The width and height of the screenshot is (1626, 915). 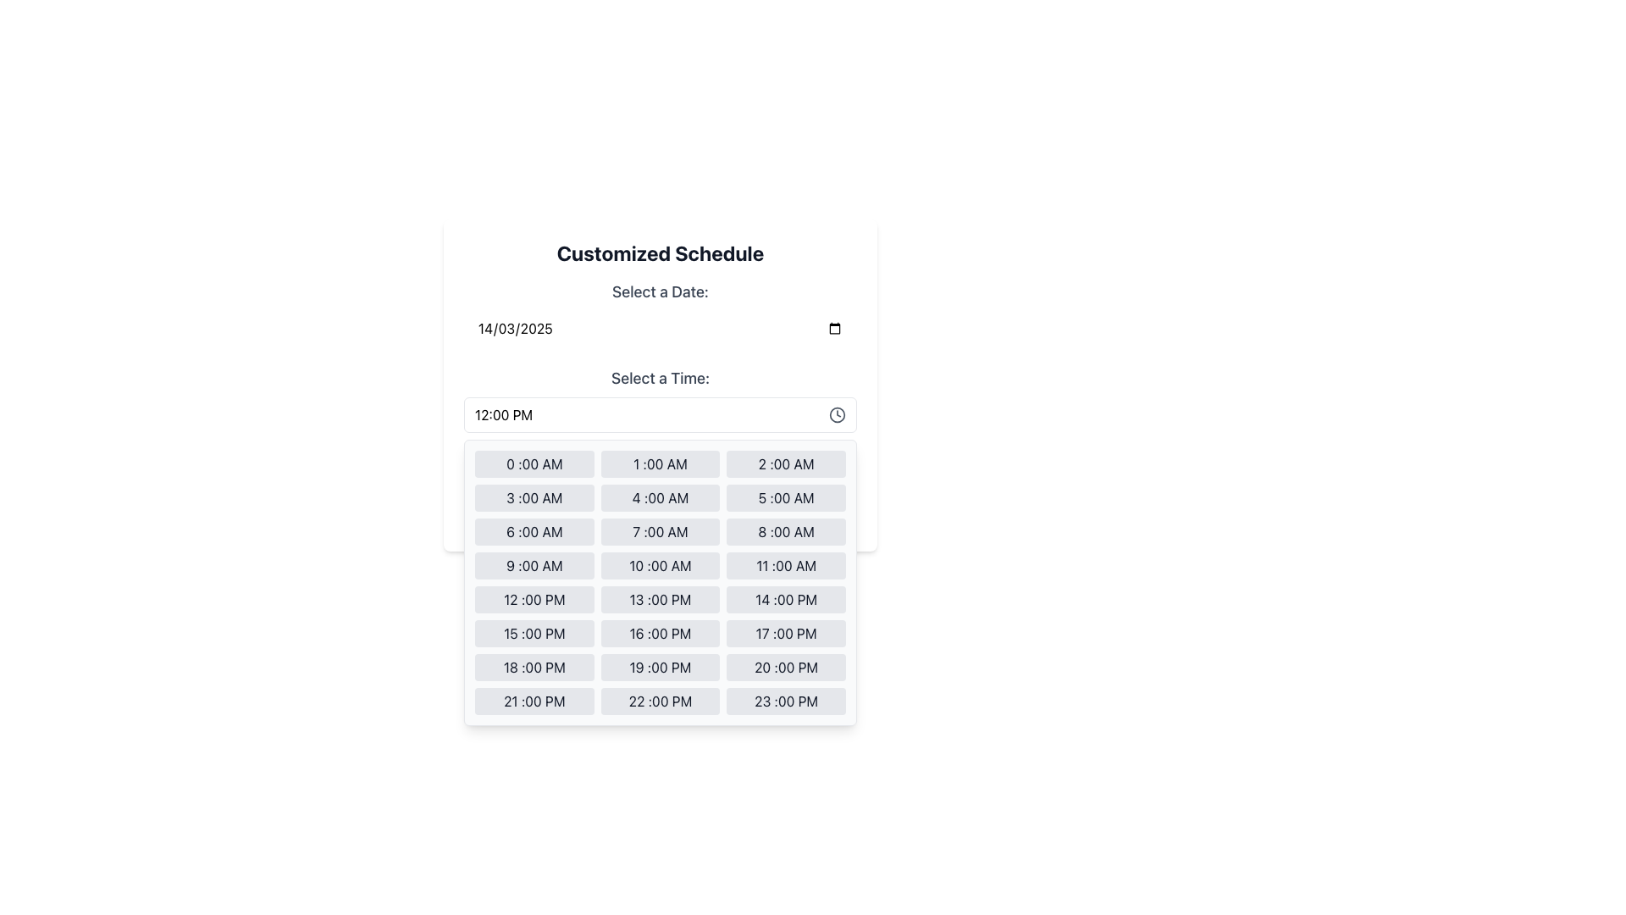 What do you see at coordinates (503, 414) in the screenshot?
I see `the time indicator displaying '12:00 PM' for additional information` at bounding box center [503, 414].